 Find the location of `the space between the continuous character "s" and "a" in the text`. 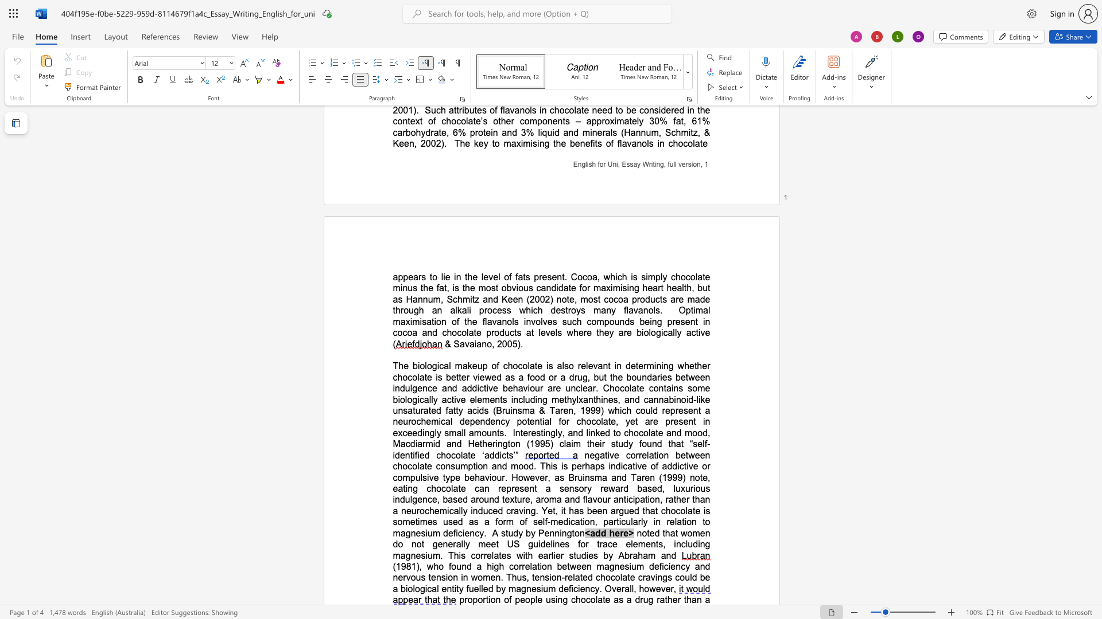

the space between the continuous character "s" and "a" in the text is located at coordinates (633, 164).